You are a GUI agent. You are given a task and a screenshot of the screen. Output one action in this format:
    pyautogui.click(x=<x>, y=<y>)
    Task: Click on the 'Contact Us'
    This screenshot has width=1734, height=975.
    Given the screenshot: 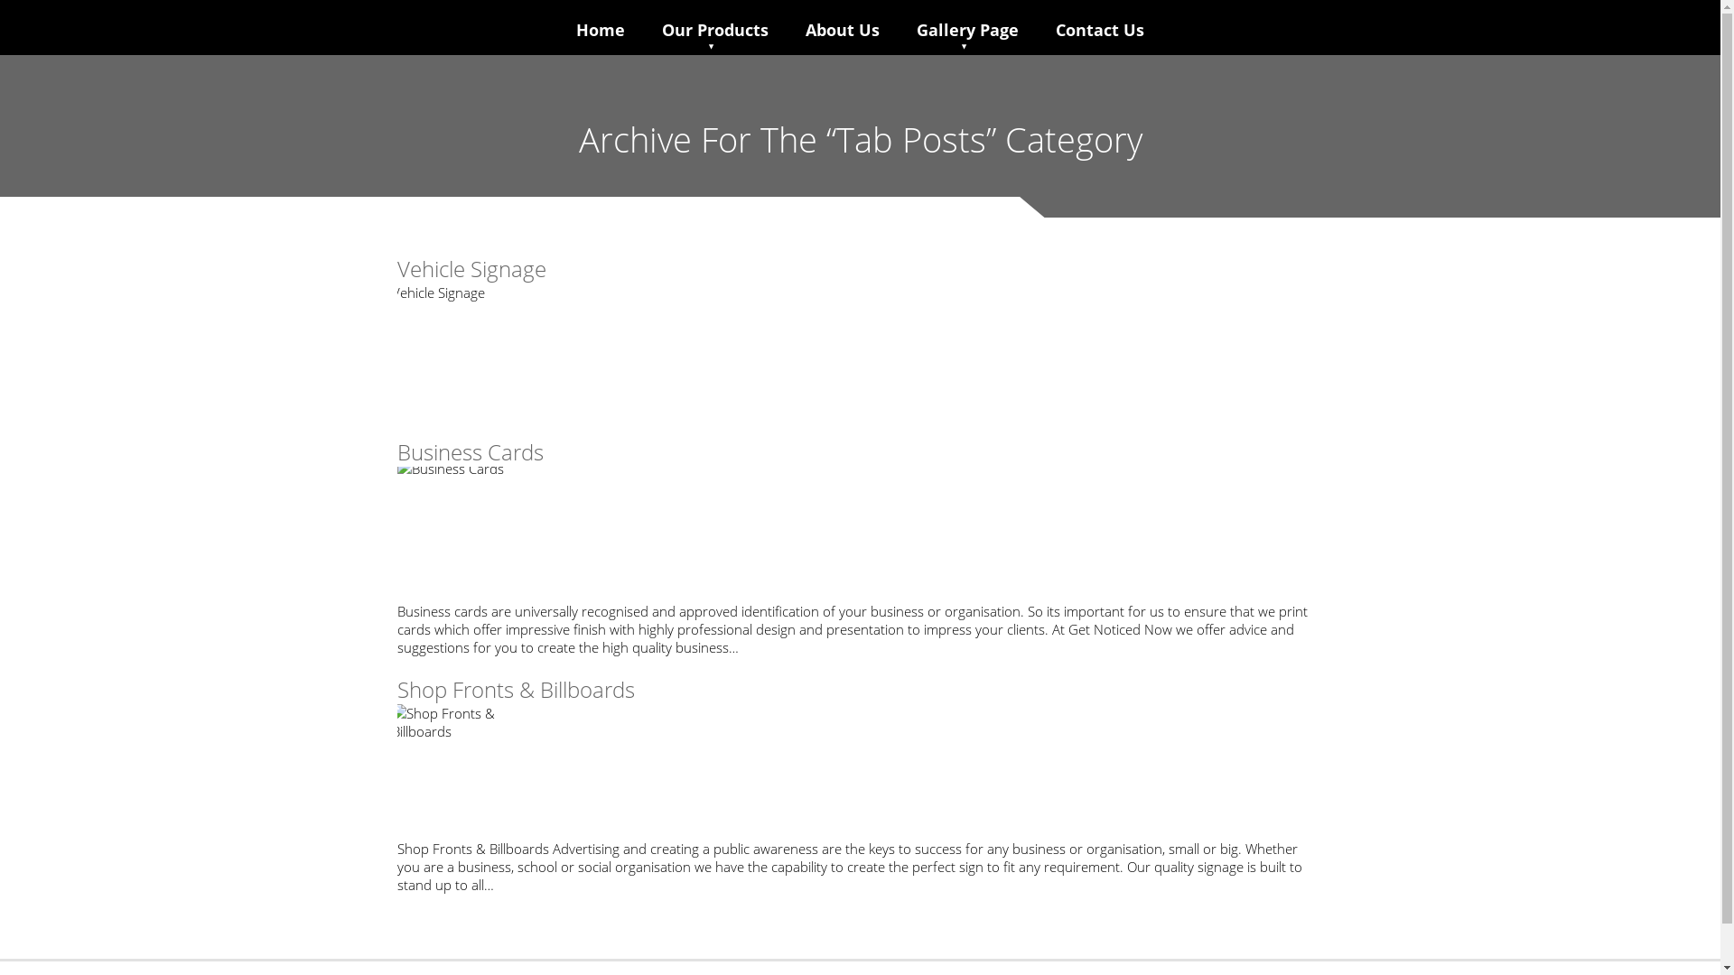 What is the action you would take?
    pyautogui.click(x=1098, y=30)
    